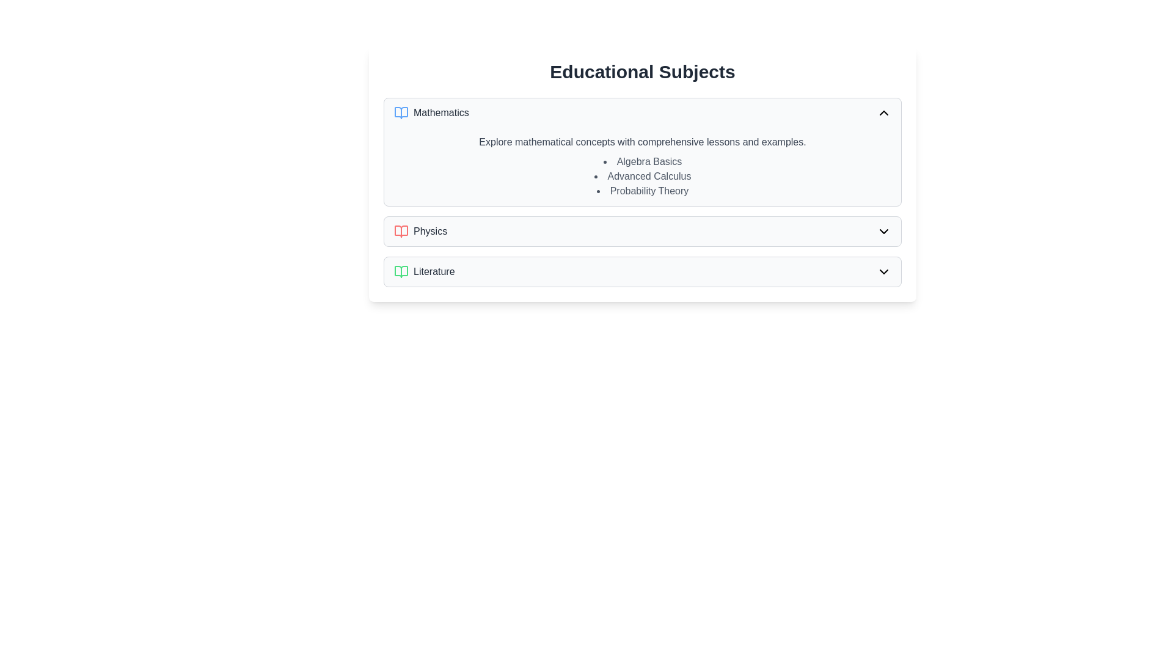 The image size is (1173, 660). What do you see at coordinates (641, 271) in the screenshot?
I see `the arrow of the dropdown list entry for the subject 'Literature'` at bounding box center [641, 271].